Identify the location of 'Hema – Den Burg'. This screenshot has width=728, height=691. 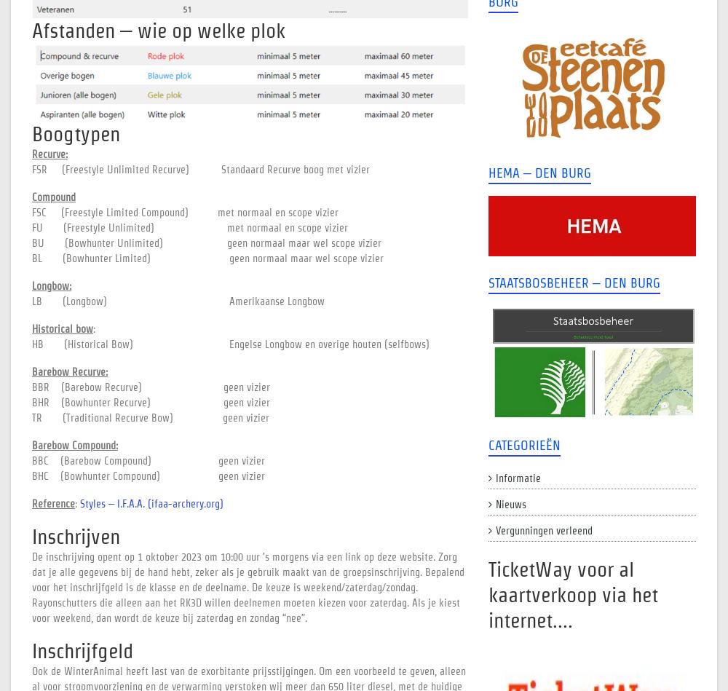
(538, 172).